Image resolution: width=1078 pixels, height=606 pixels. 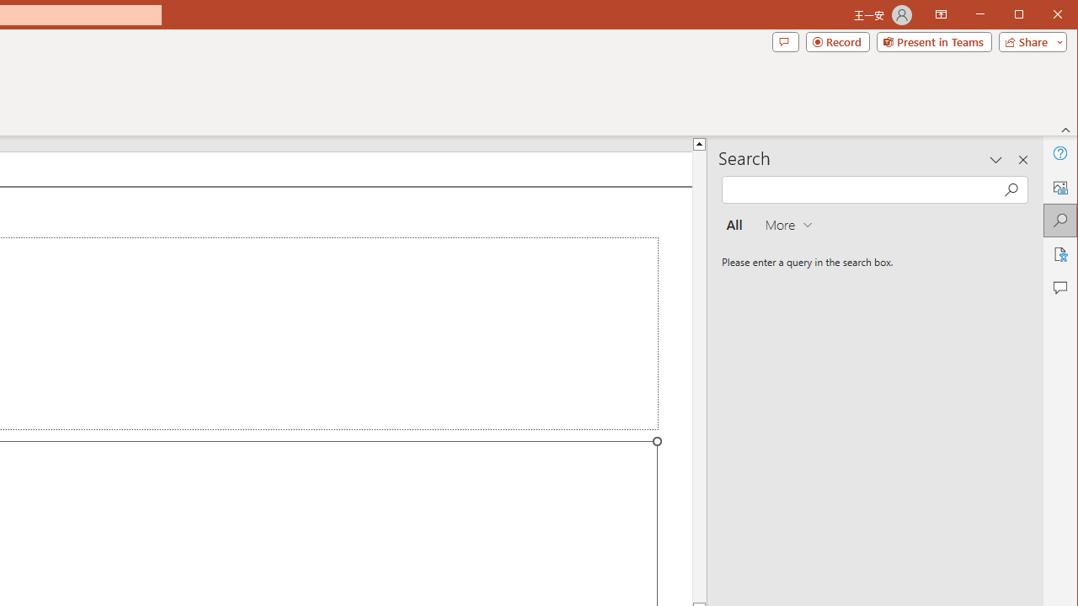 I want to click on 'Comments', so click(x=784, y=41).